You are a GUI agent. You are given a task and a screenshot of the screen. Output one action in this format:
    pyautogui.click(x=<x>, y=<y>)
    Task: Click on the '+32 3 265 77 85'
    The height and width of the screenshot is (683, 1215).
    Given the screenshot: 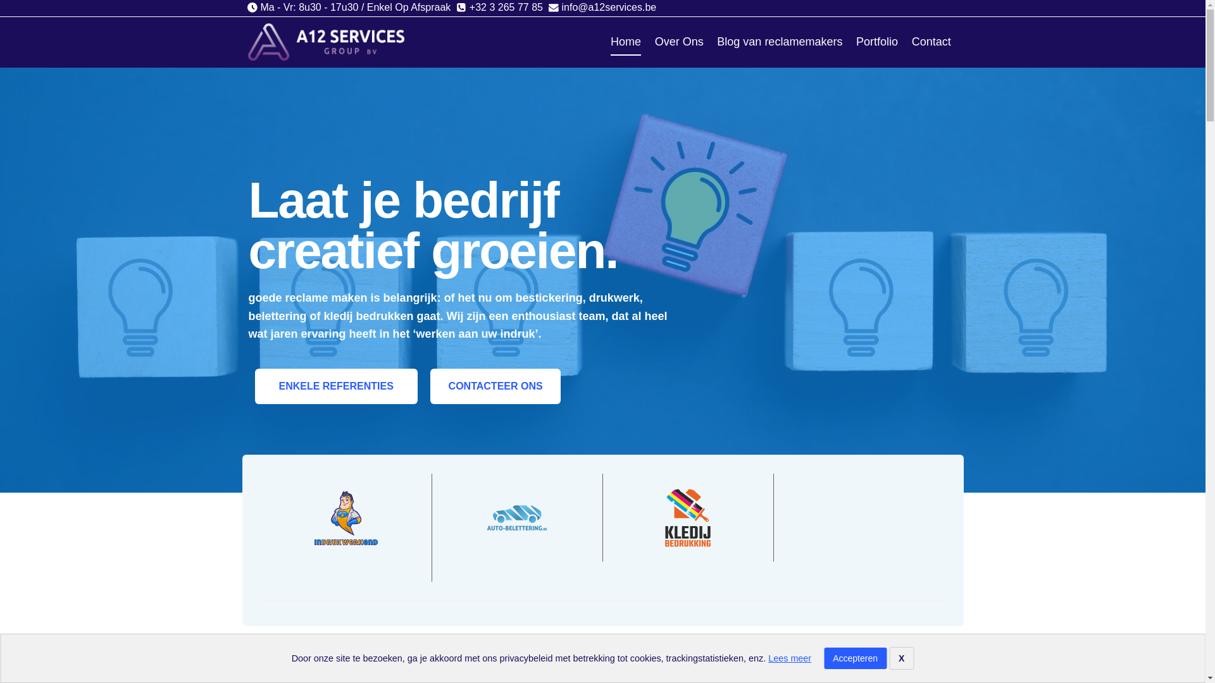 What is the action you would take?
    pyautogui.click(x=499, y=8)
    